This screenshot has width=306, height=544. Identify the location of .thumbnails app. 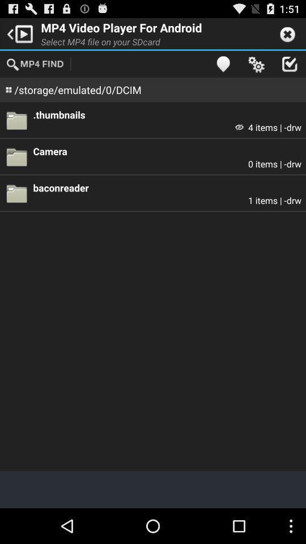
(167, 114).